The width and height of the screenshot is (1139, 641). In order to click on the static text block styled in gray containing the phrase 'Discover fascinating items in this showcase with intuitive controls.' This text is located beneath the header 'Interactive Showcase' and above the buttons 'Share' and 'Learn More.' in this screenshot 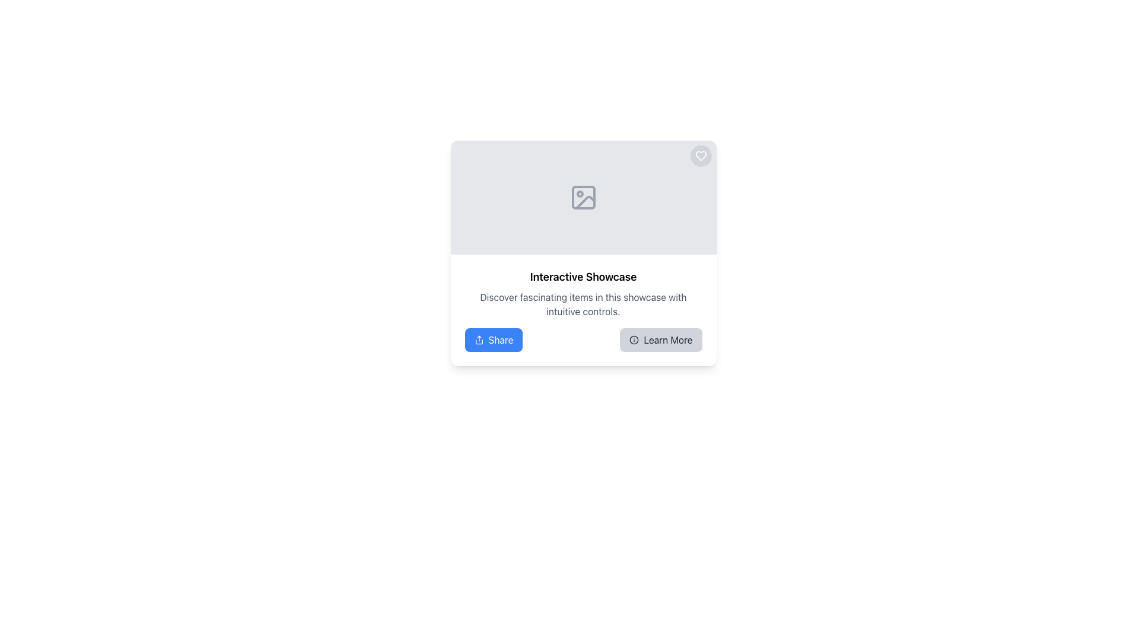, I will do `click(583, 304)`.